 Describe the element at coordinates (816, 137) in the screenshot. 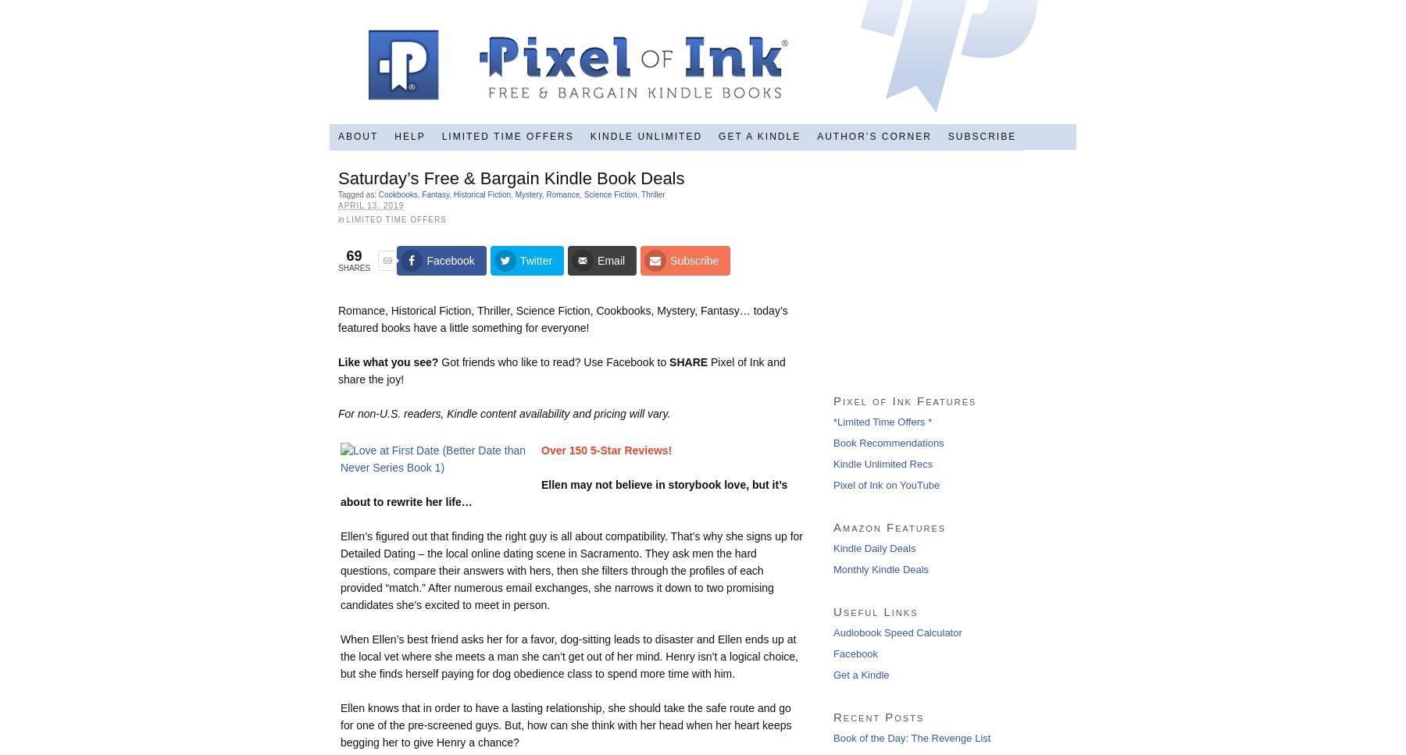

I see `'Author’s Corner'` at that location.